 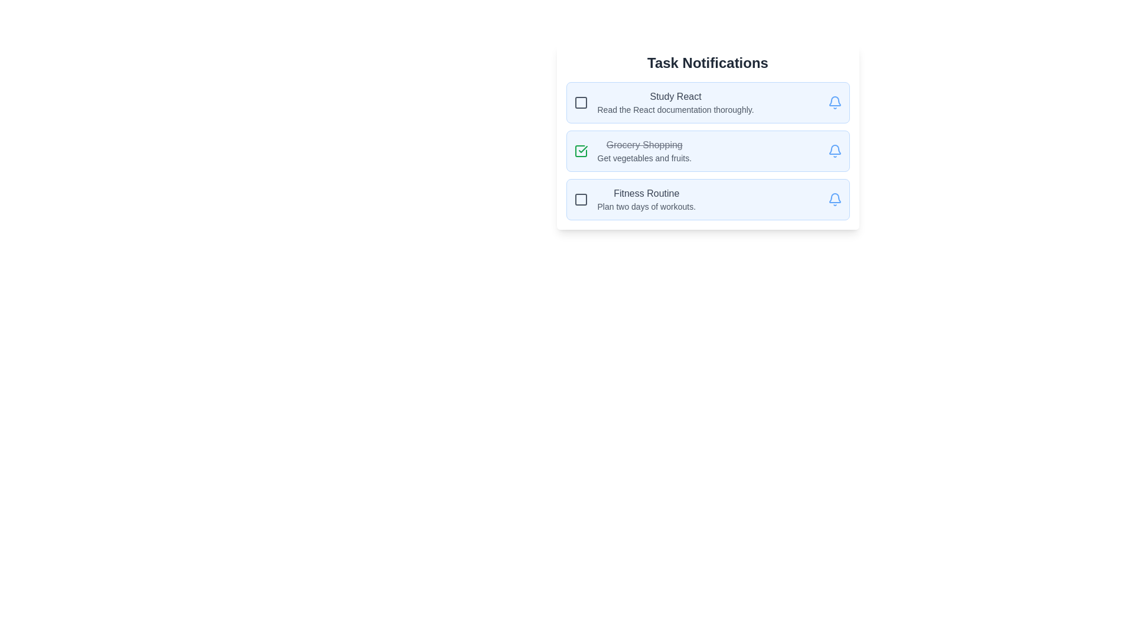 What do you see at coordinates (834, 150) in the screenshot?
I see `the blue bell icon for notifications located on the far right of the 'Grocery Shopping' component` at bounding box center [834, 150].